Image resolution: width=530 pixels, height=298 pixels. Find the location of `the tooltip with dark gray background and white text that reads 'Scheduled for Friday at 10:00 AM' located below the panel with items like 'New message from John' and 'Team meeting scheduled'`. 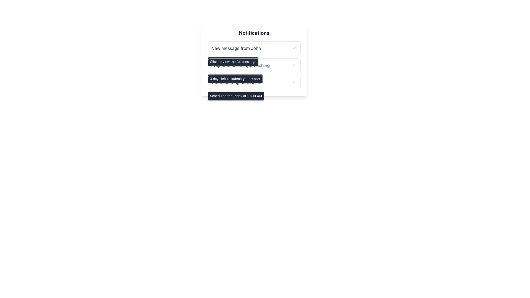

the tooltip with dark gray background and white text that reads 'Scheduled for Friday at 10:00 AM' located below the panel with items like 'New message from John' and 'Team meeting scheduled' is located at coordinates (236, 95).